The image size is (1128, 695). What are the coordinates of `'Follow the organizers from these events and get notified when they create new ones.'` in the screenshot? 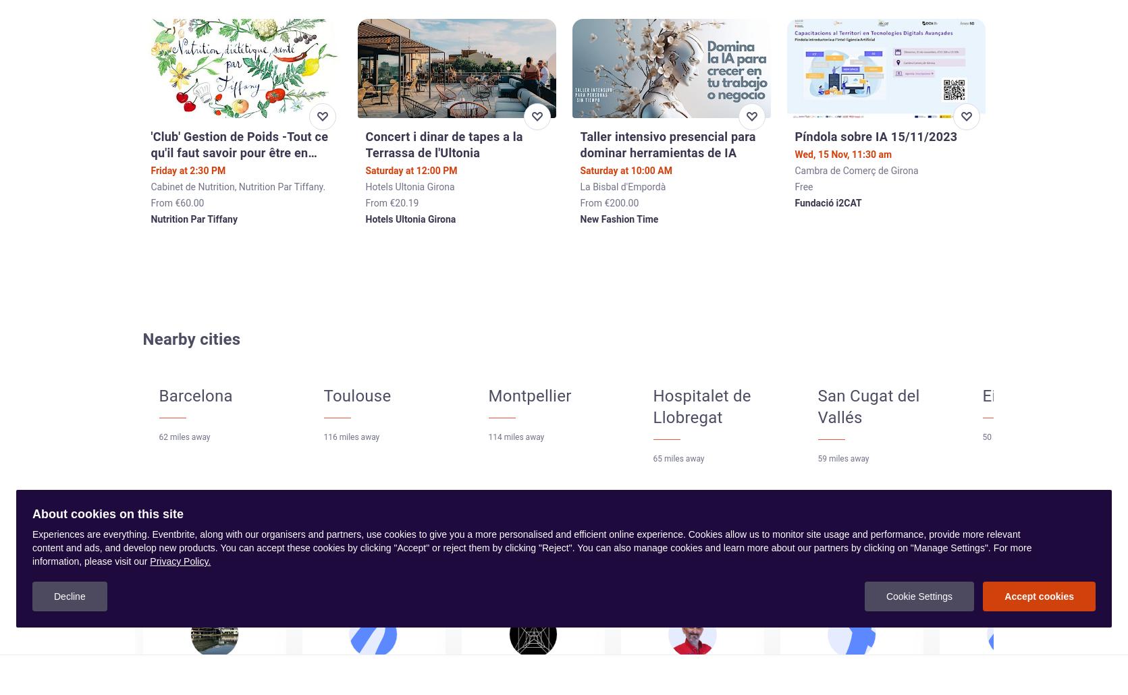 It's located at (319, 563).